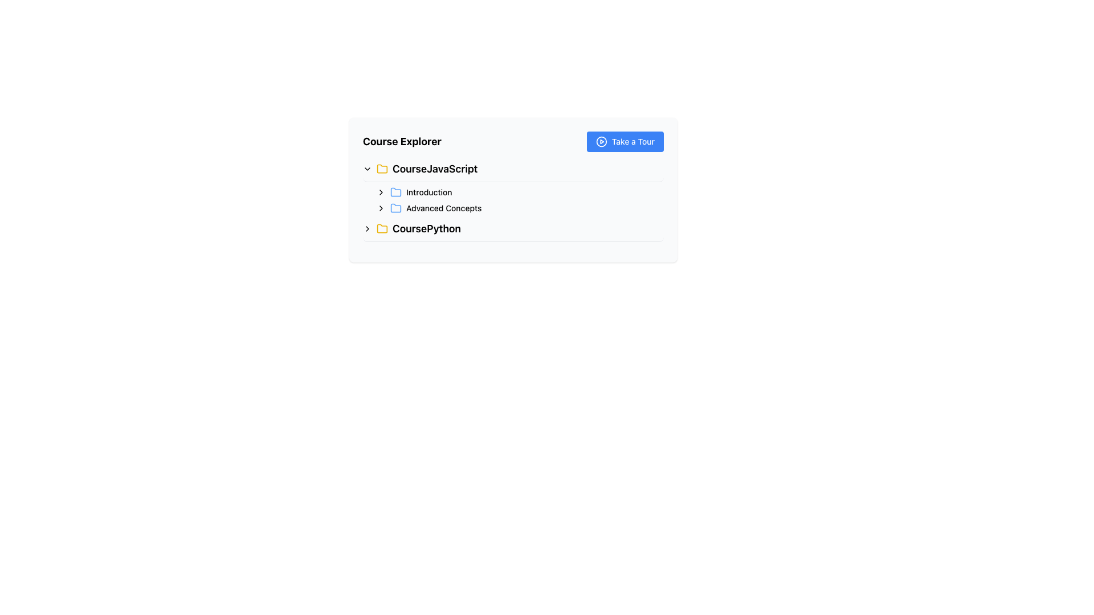  Describe the element at coordinates (381, 192) in the screenshot. I see `the rightward-facing chevron icon located in the 'Introduction' section of the 'CourseJavaScript' category` at that location.